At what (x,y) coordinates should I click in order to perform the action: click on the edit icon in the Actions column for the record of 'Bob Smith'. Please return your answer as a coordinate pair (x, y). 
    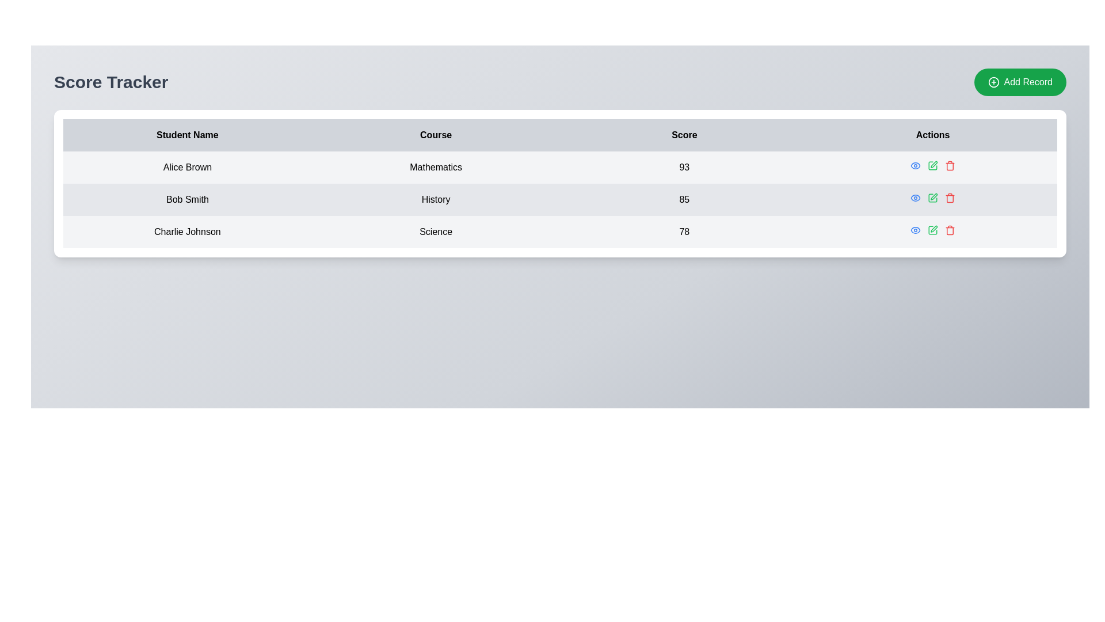
    Looking at the image, I should click on (933, 195).